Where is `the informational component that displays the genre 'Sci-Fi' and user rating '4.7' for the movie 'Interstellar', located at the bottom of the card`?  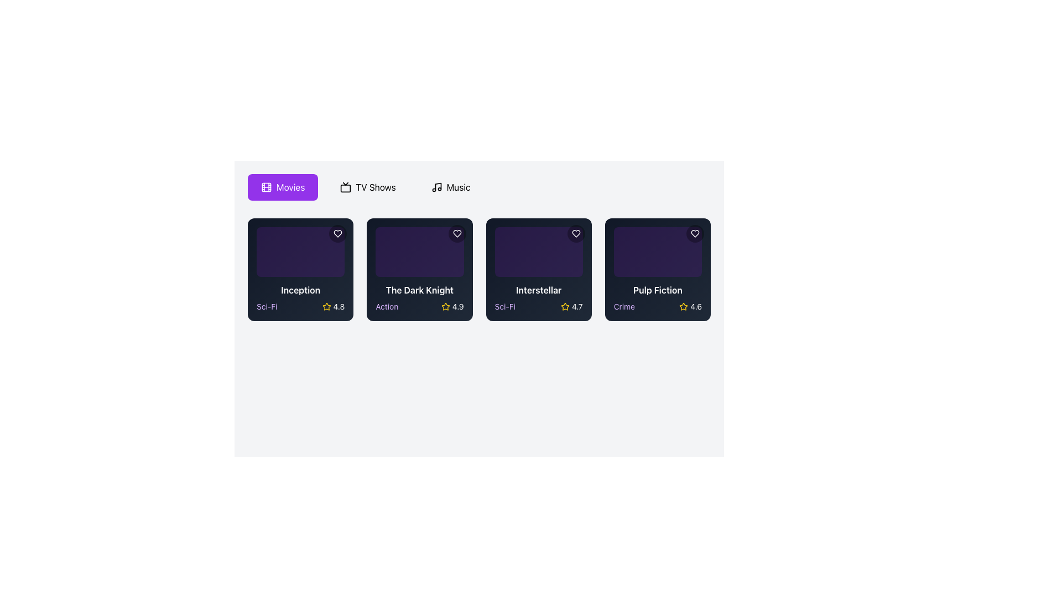
the informational component that displays the genre 'Sci-Fi' and user rating '4.7' for the movie 'Interstellar', located at the bottom of the card is located at coordinates (539, 306).